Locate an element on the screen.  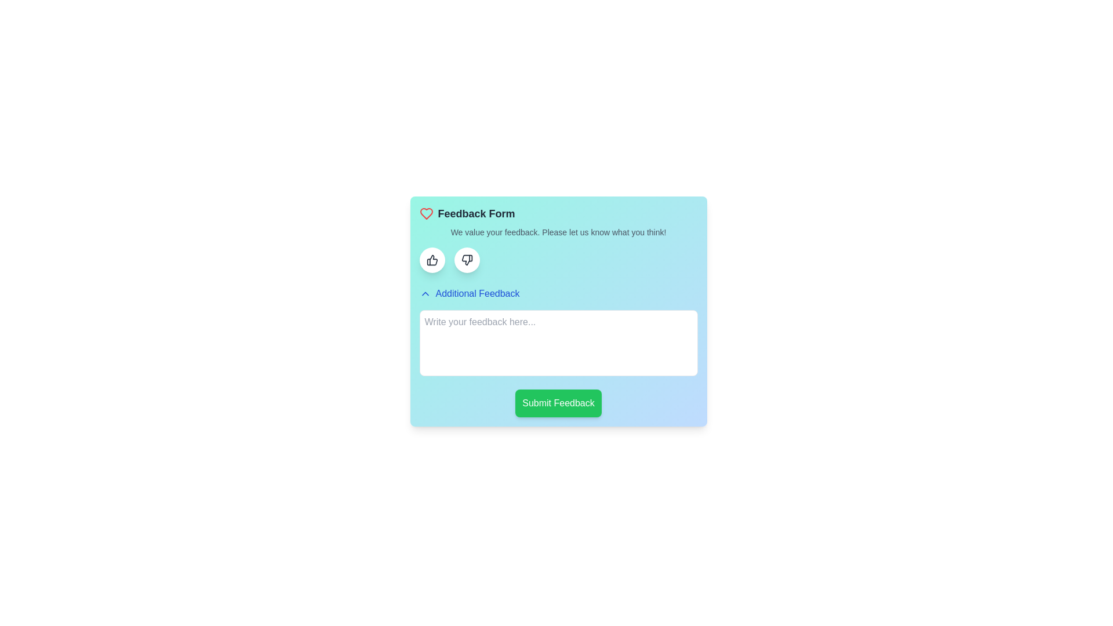
the circular thumbs-up button with a white background and black outline is located at coordinates (431, 259).